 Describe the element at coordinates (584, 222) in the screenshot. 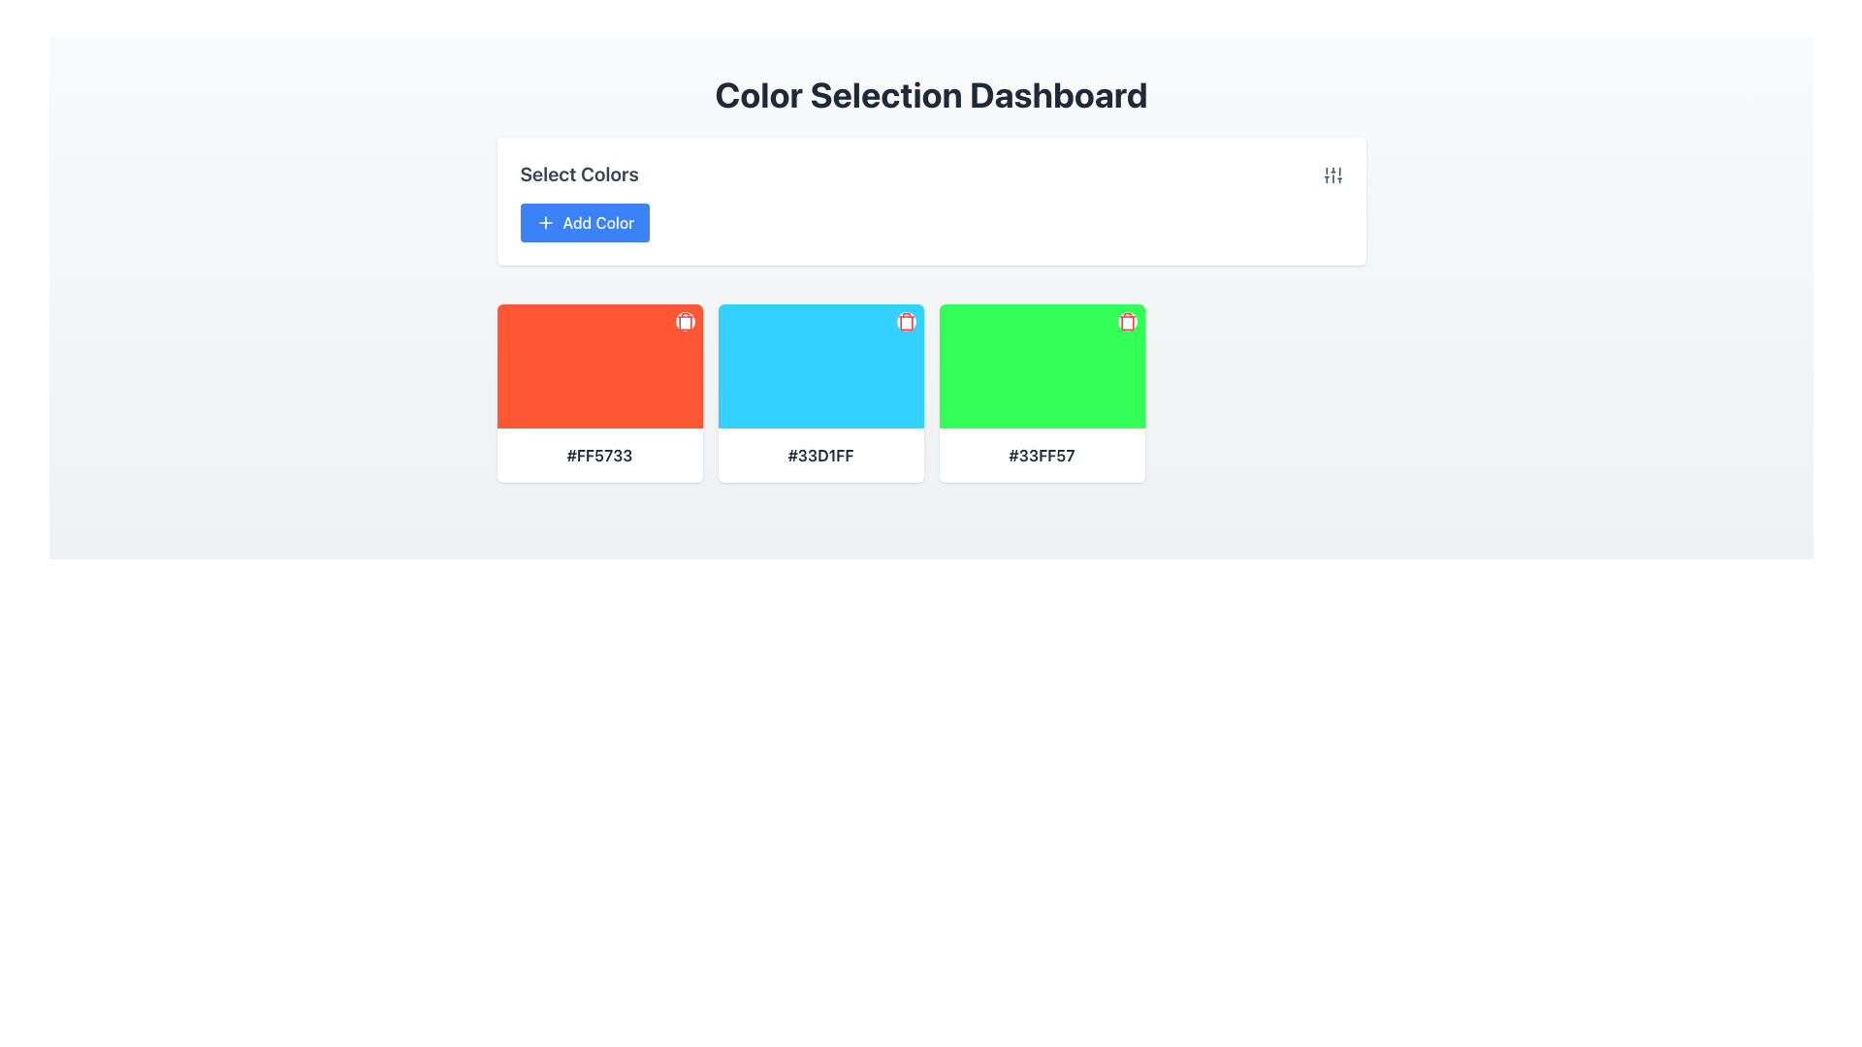

I see `the button located to the right of the title 'Select Colors'` at that location.